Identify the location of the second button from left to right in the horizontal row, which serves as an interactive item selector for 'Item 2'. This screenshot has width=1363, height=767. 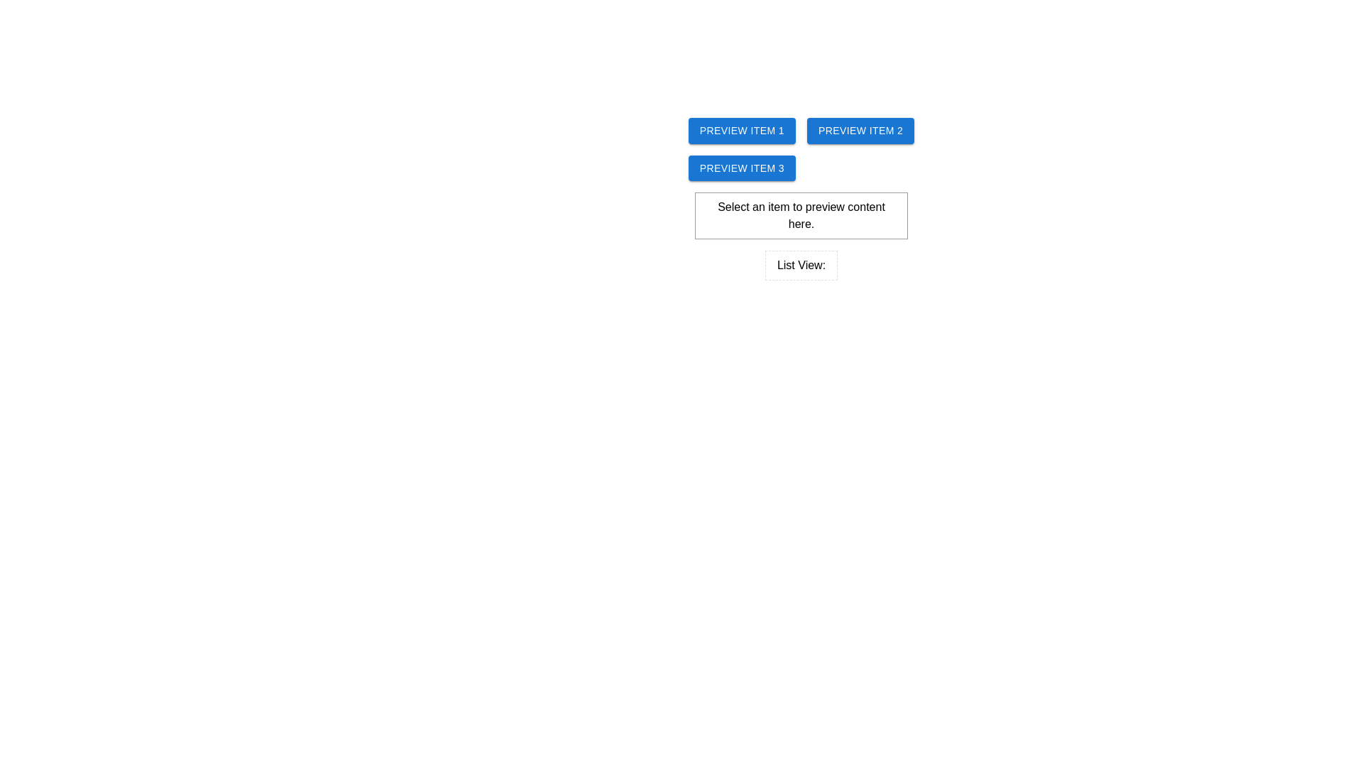
(860, 131).